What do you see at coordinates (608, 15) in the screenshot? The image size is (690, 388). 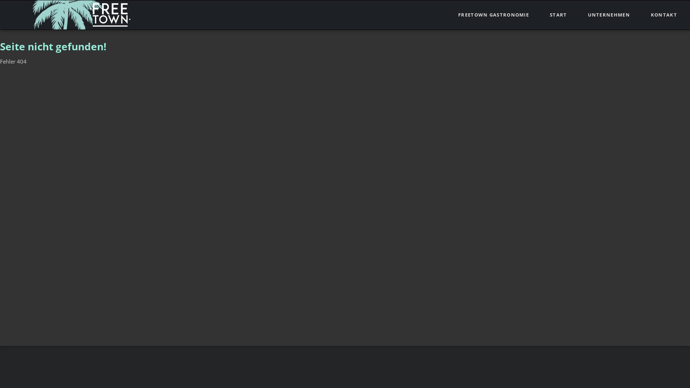 I see `'UNTERNEHMEN'` at bounding box center [608, 15].